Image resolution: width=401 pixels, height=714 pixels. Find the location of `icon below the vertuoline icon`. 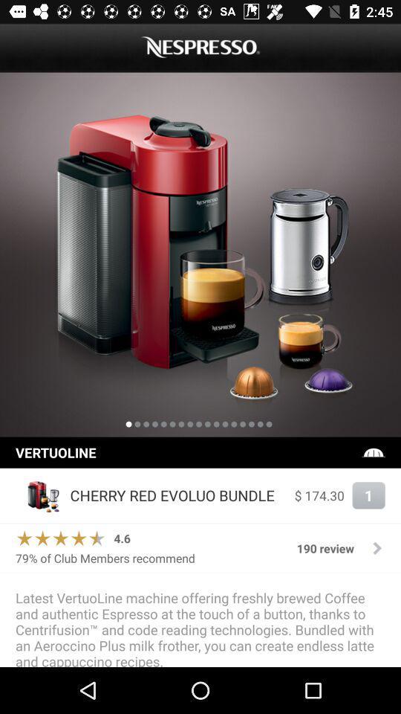

icon below the vertuoline icon is located at coordinates (39, 495).